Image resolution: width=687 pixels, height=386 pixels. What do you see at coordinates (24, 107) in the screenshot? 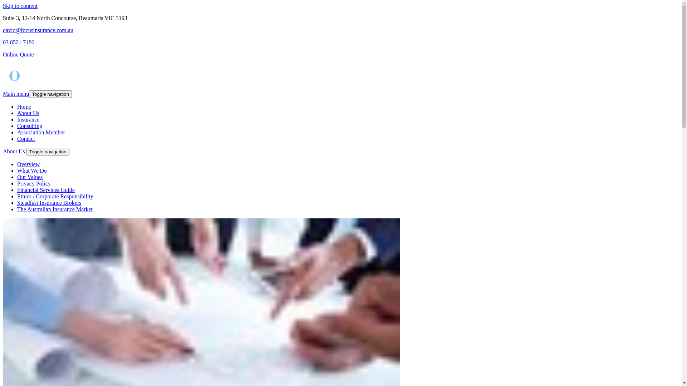
I see `'Home'` at bounding box center [24, 107].